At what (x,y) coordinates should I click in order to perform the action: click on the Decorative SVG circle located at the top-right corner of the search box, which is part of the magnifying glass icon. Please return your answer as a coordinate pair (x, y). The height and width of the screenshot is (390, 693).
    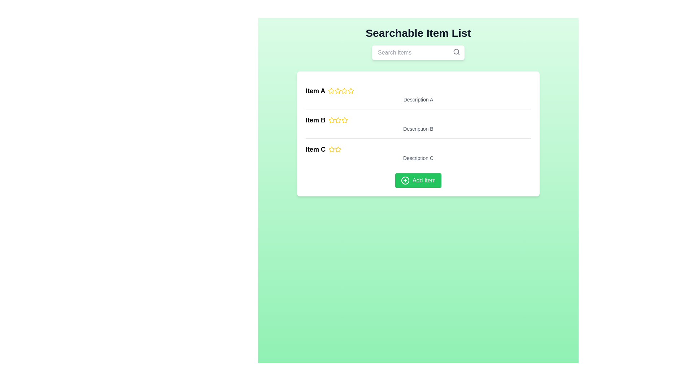
    Looking at the image, I should click on (456, 51).